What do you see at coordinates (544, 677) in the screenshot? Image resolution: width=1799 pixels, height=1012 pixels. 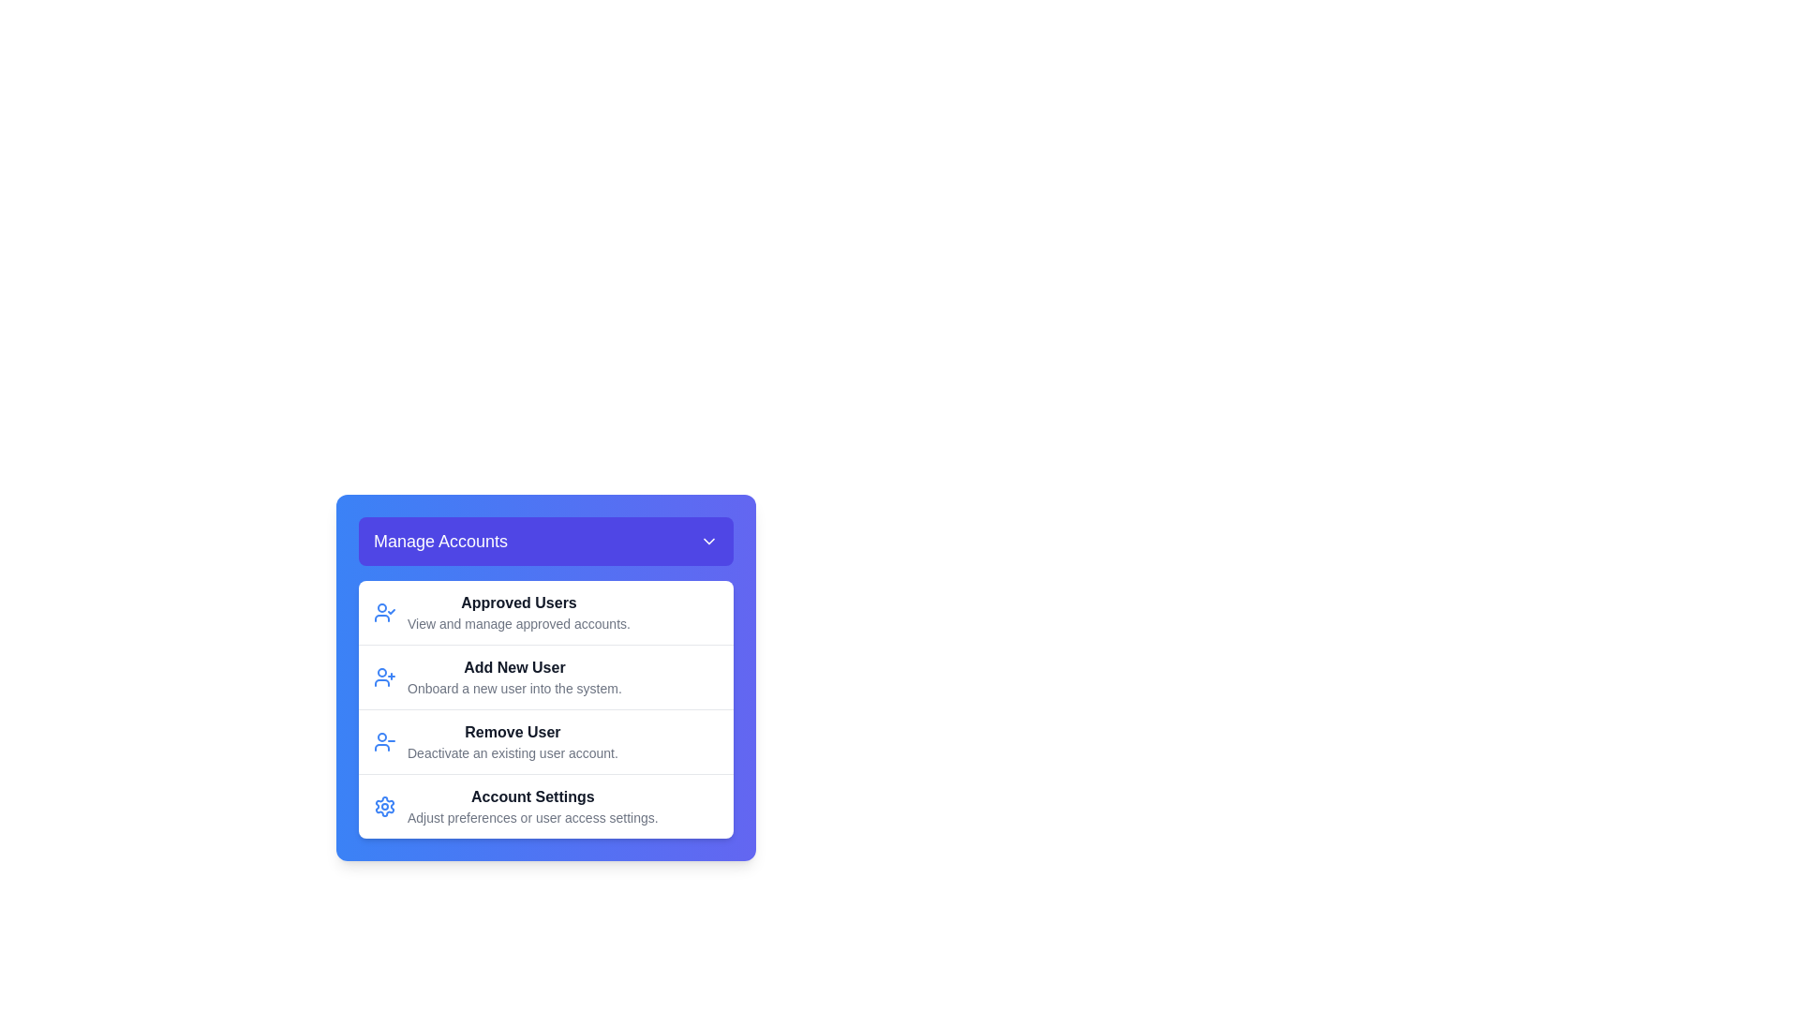 I see `the second list item labeled 'Add New User' with an icon and text to navigate to the new user onboarding page` at bounding box center [544, 677].